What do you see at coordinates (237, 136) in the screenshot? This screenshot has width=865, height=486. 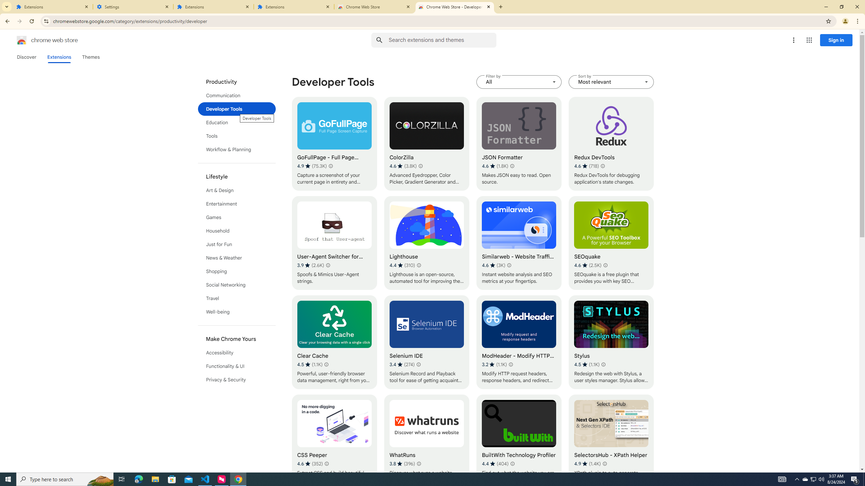 I see `'Tools'` at bounding box center [237, 136].